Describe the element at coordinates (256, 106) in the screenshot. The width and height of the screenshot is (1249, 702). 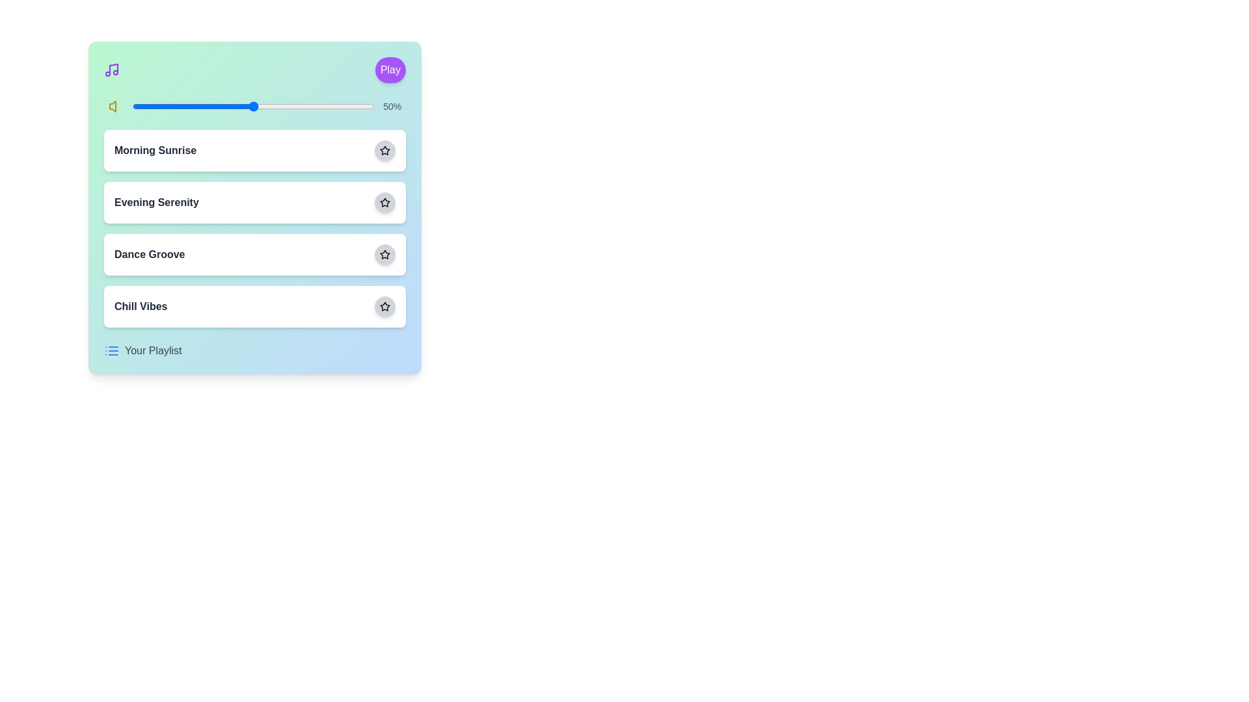
I see `the slider` at that location.